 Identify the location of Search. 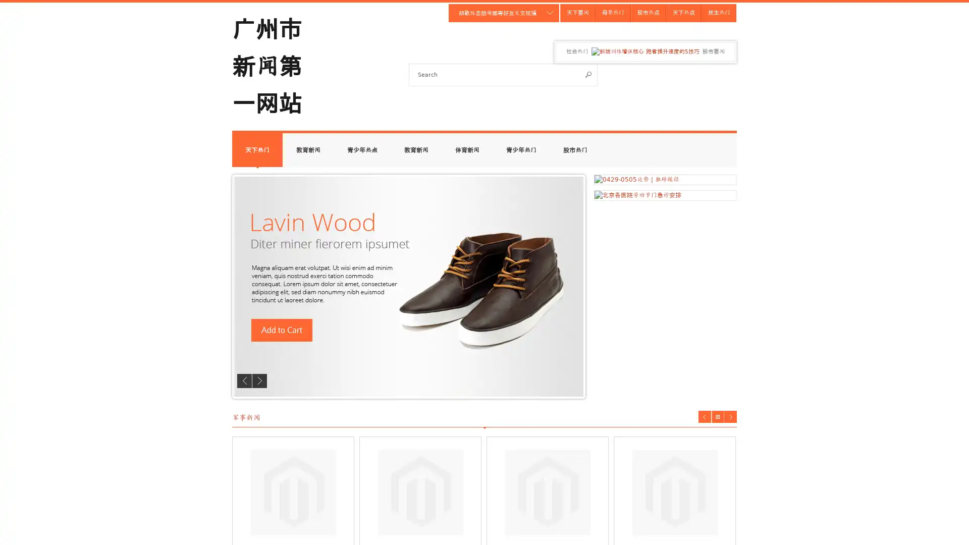
(588, 74).